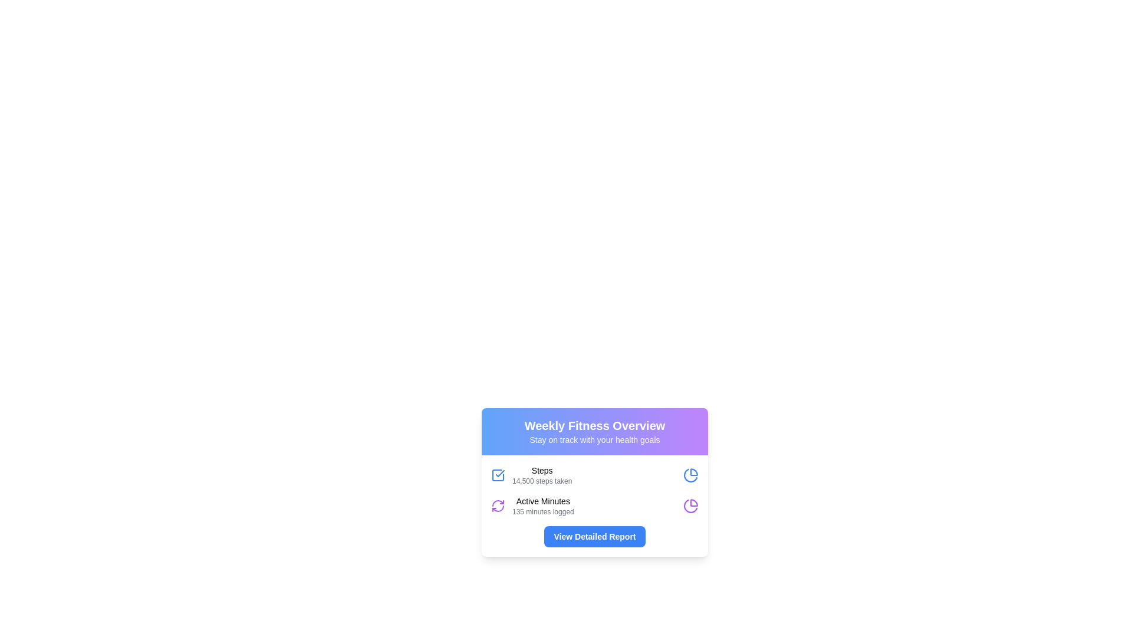  What do you see at coordinates (542, 511) in the screenshot?
I see `the text label displaying '135 minutes logged', which is styled in a small gray font and located beneath the 'Active Minutes' label in the fitness metrics summary card` at bounding box center [542, 511].